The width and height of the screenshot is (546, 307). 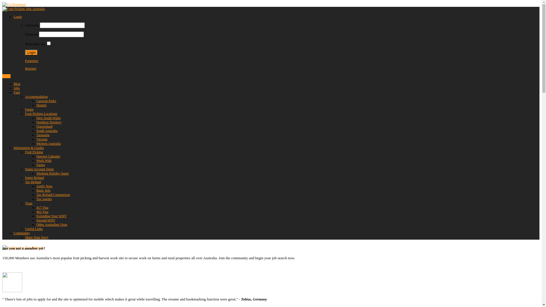 What do you see at coordinates (47, 130) in the screenshot?
I see `'South Australia'` at bounding box center [47, 130].